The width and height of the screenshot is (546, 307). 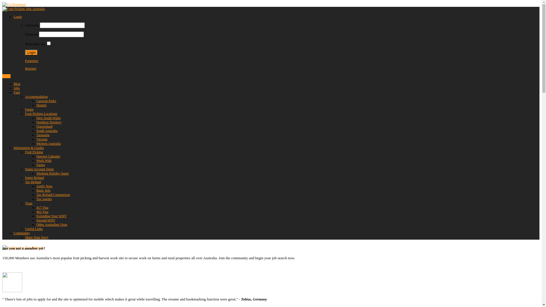 What do you see at coordinates (47, 130) in the screenshot?
I see `'South Australia'` at bounding box center [47, 130].